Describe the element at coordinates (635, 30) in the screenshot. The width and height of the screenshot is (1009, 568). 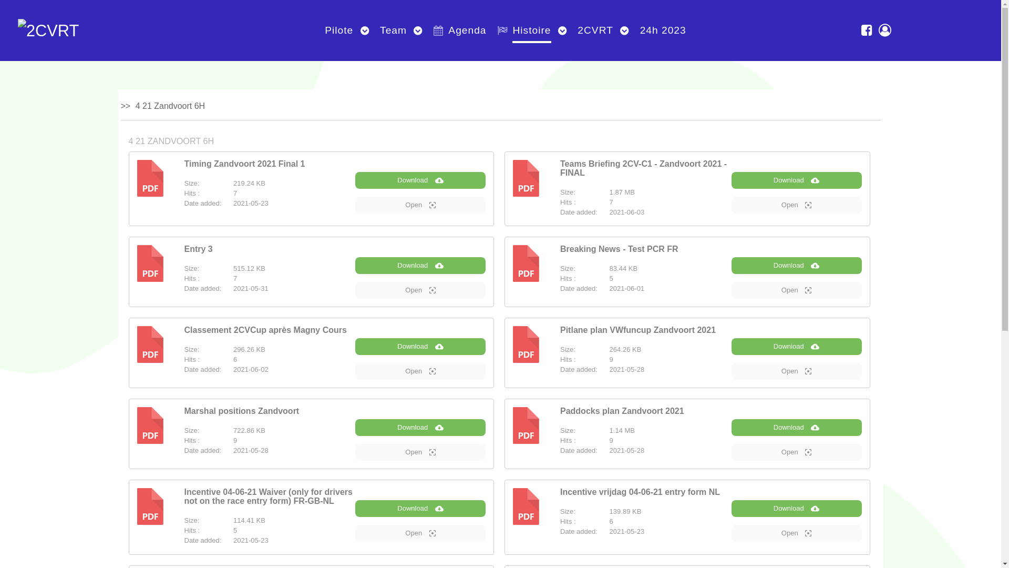
I see `'24h 2023'` at that location.